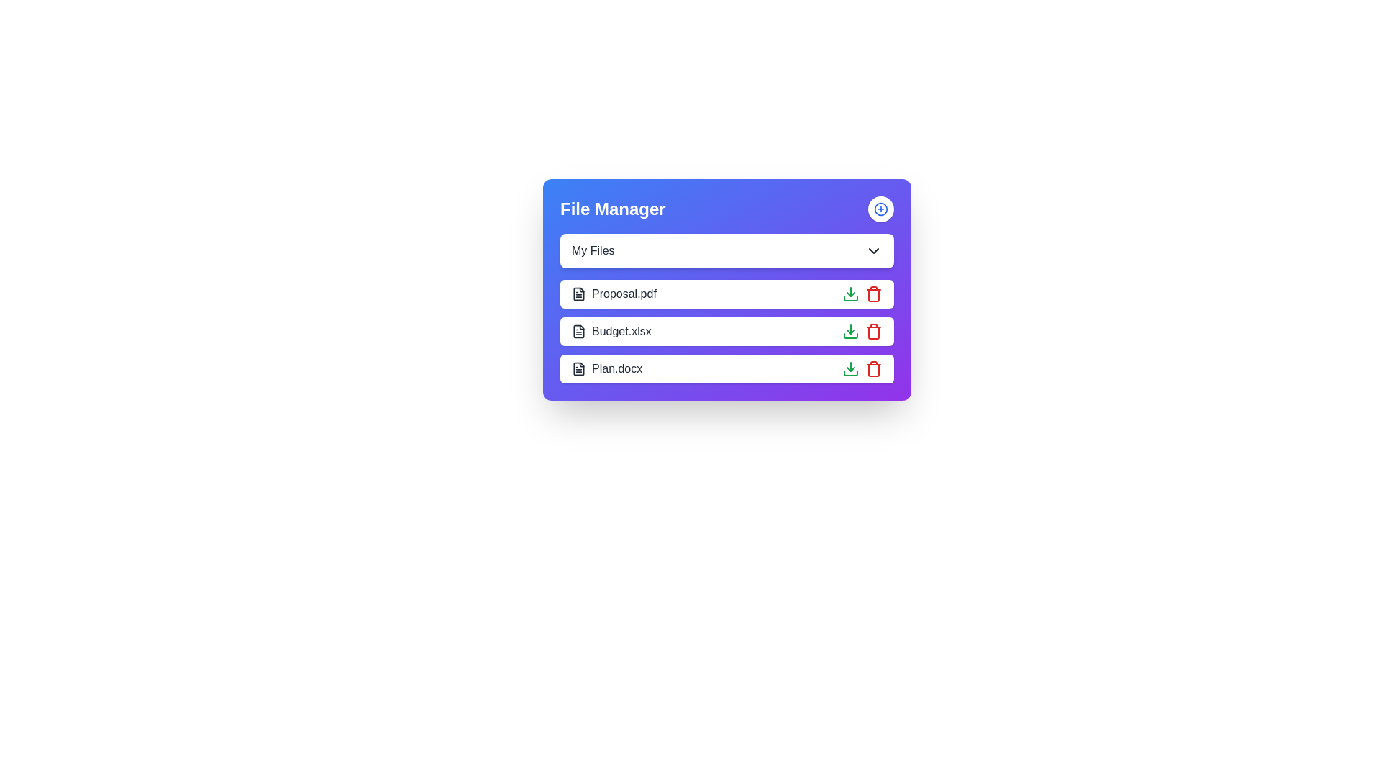 The height and width of the screenshot is (777, 1381). I want to click on the delete button associated with the file entry 'Budget.xlsx', so click(872, 332).